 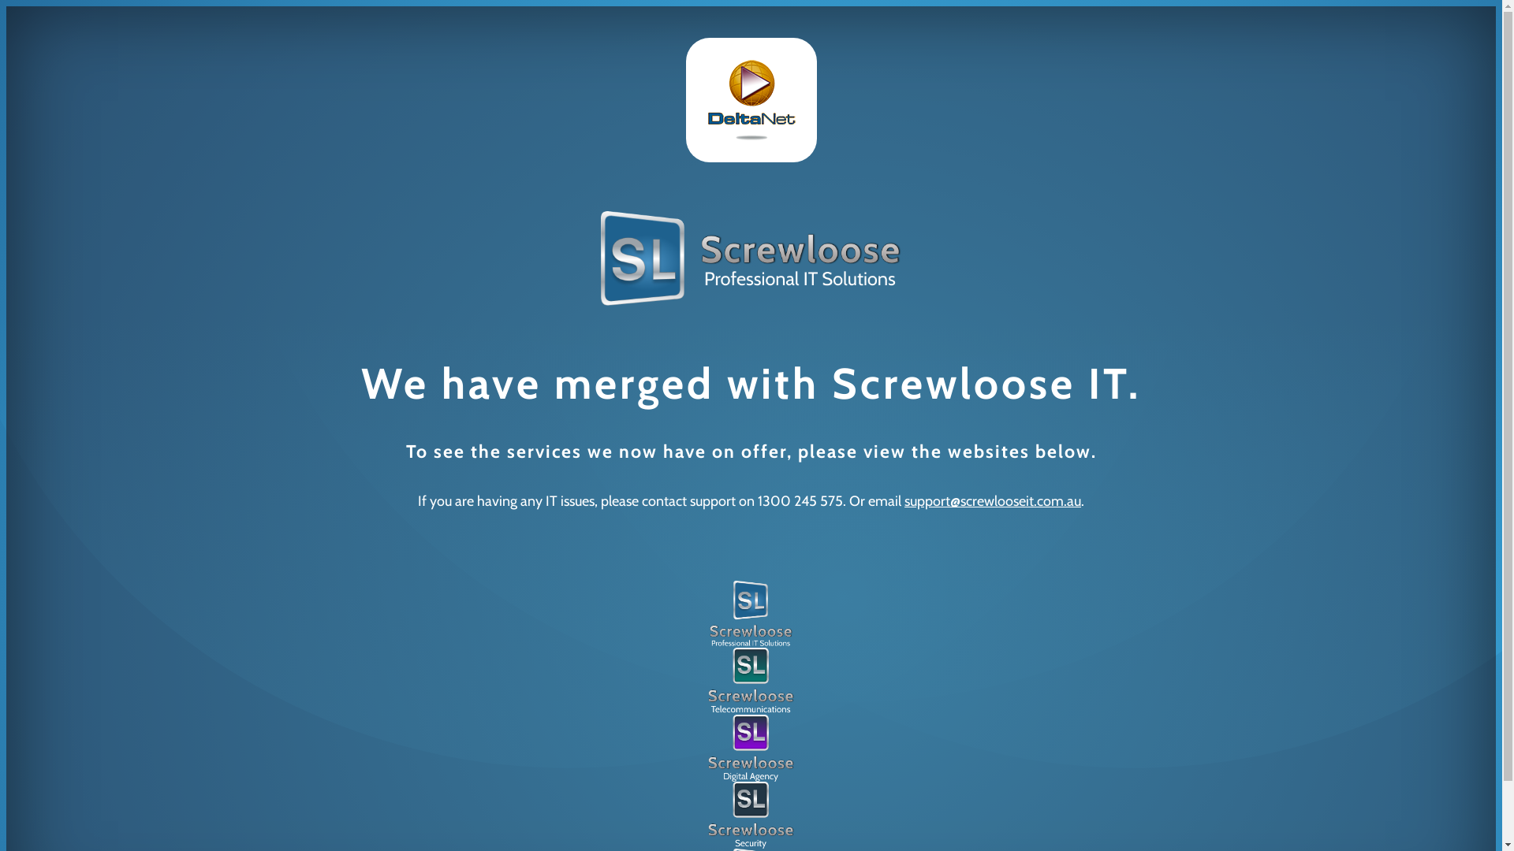 I want to click on 'support@screwlooseit.com.au', so click(x=991, y=501).